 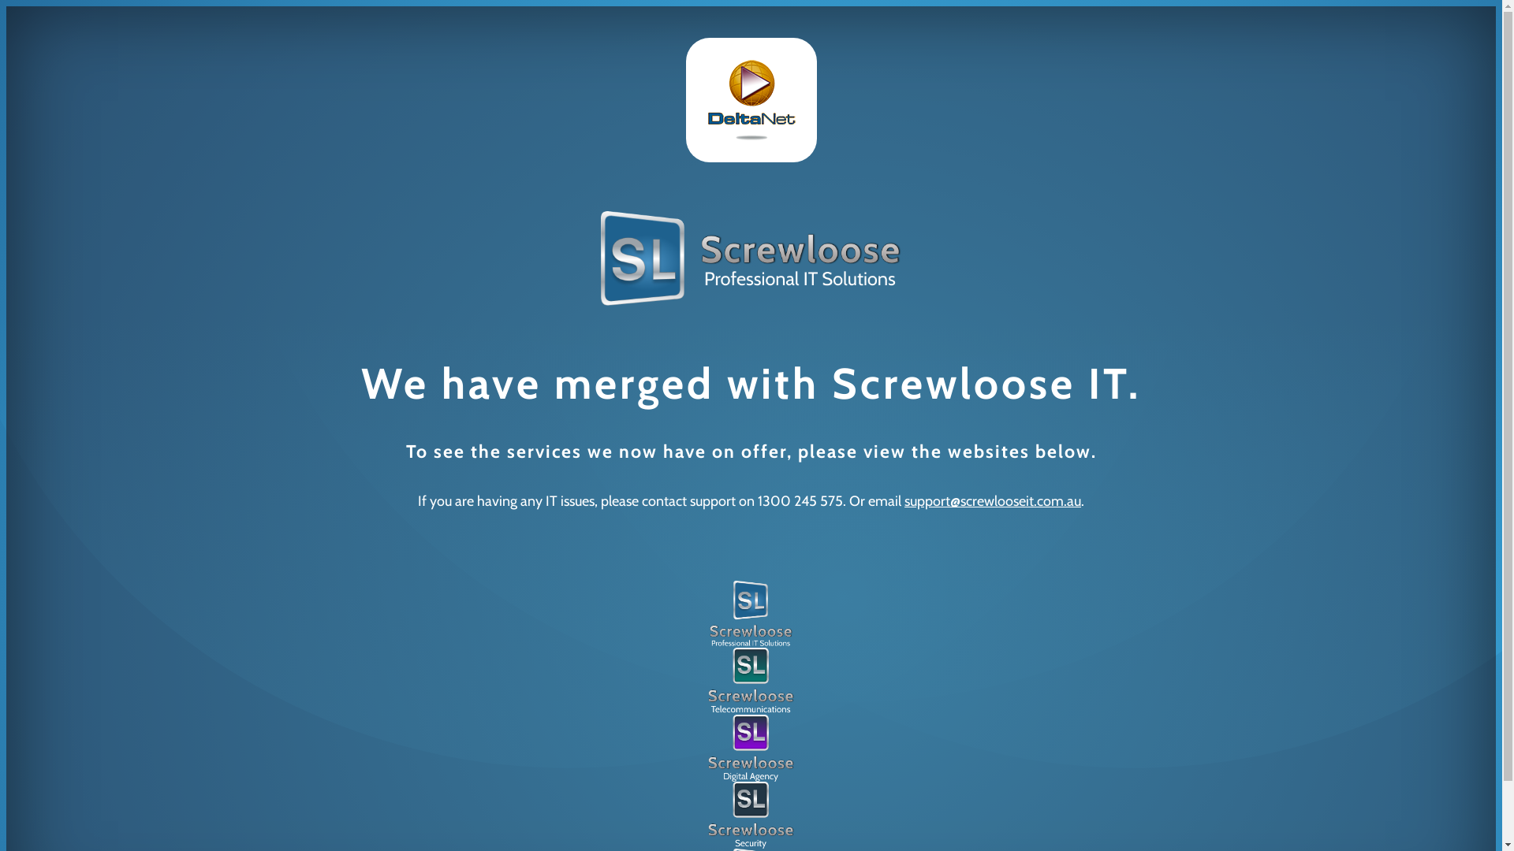 I want to click on 'support@screwlooseit.com.au', so click(x=991, y=501).